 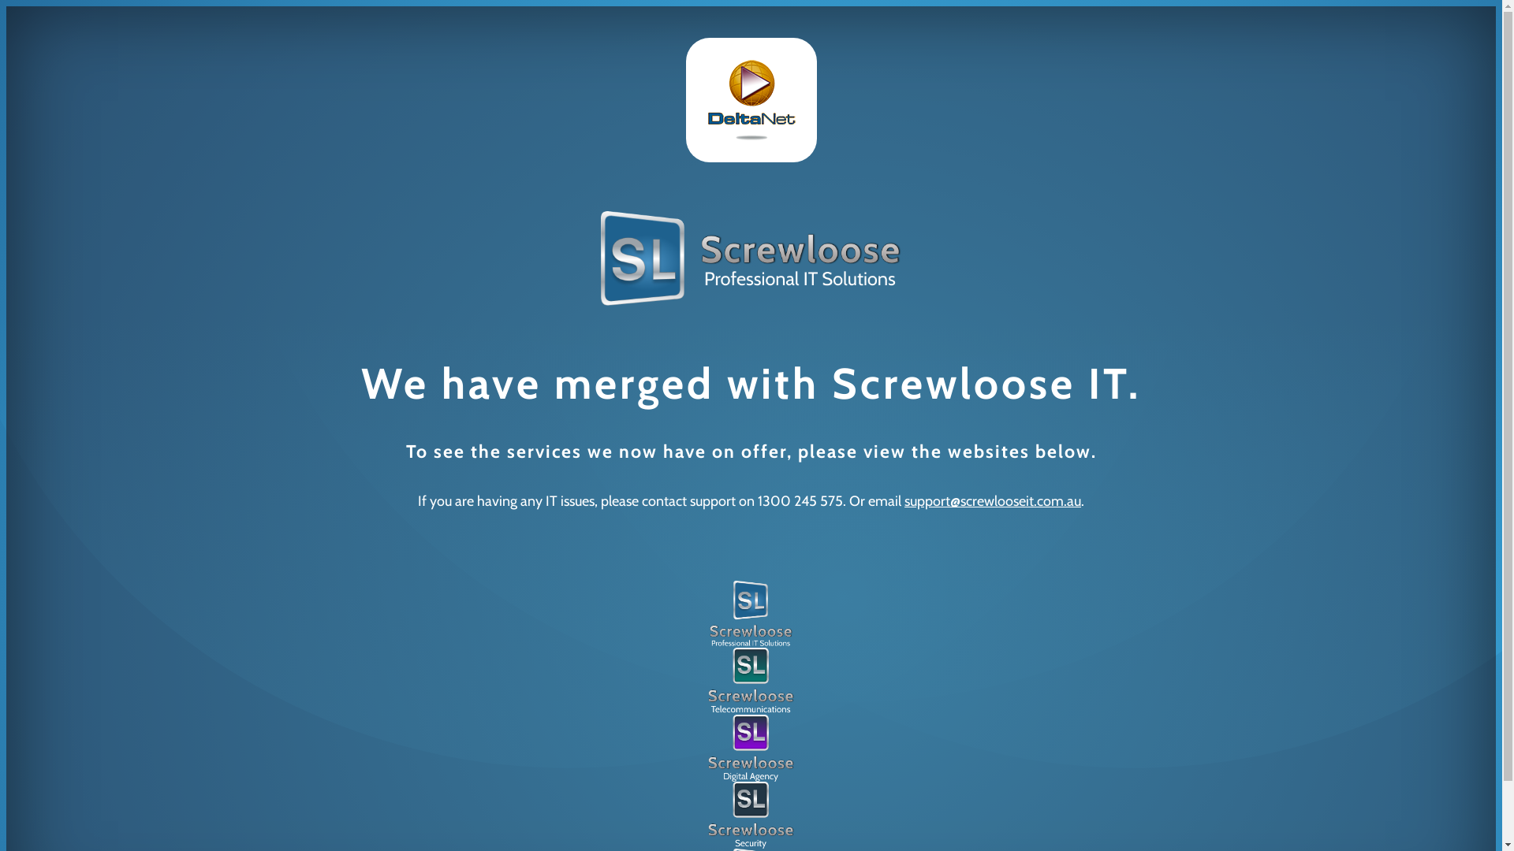 I want to click on 'support@screwlooseit.com.au', so click(x=991, y=501).